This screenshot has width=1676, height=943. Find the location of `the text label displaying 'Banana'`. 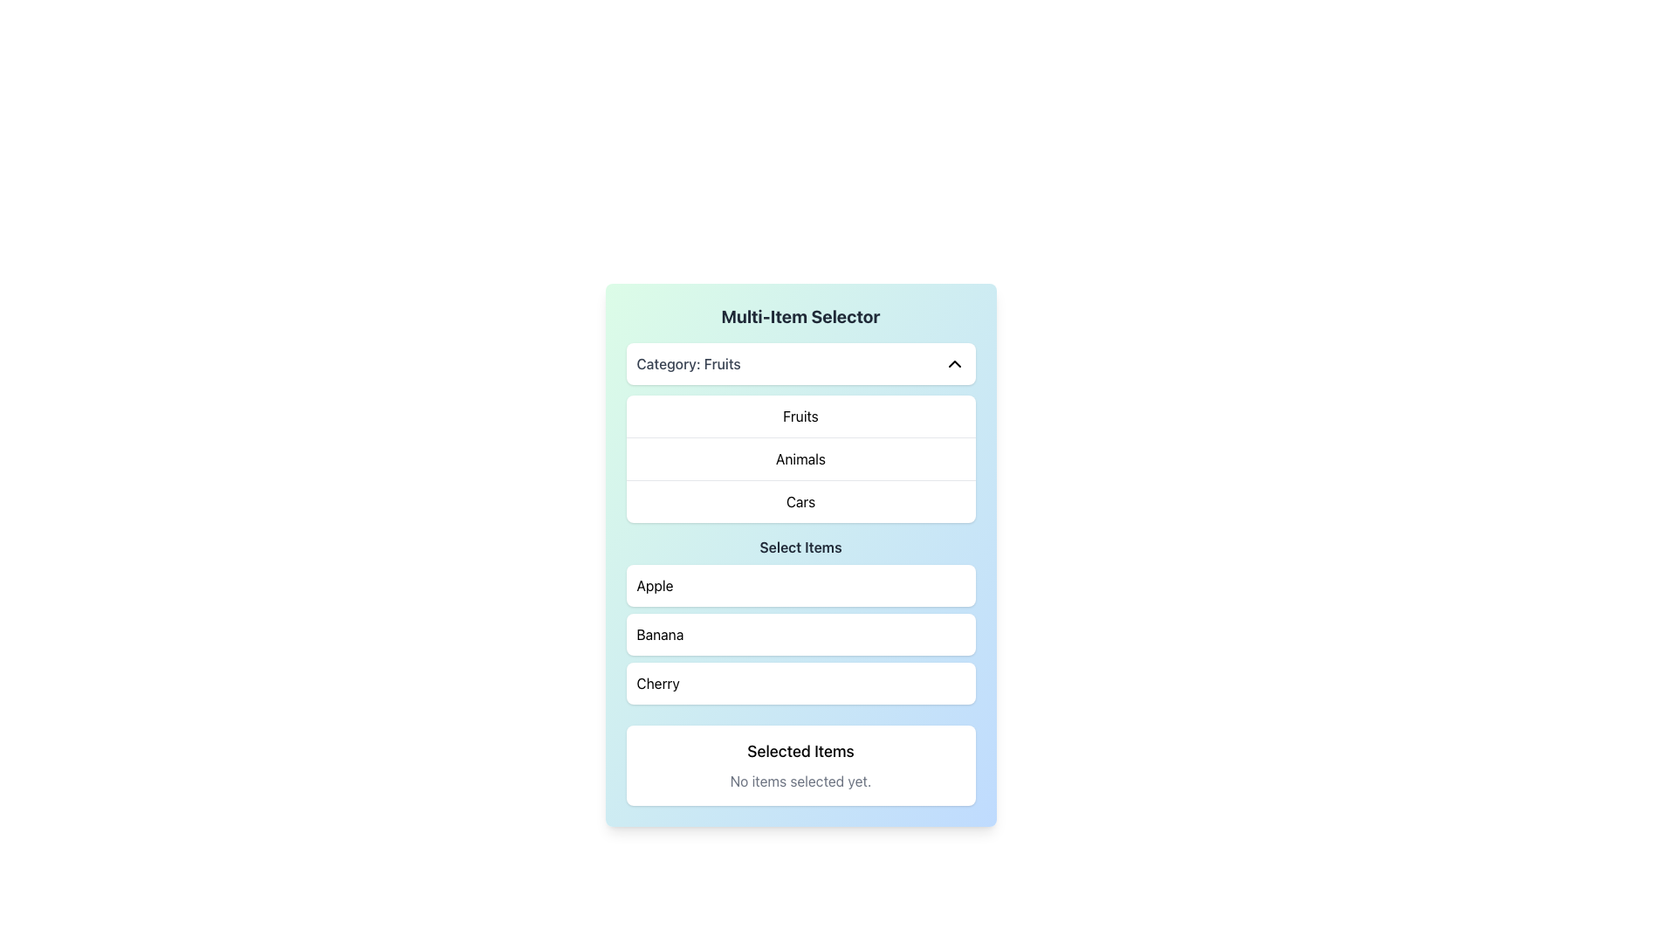

the text label displaying 'Banana' is located at coordinates (659, 634).